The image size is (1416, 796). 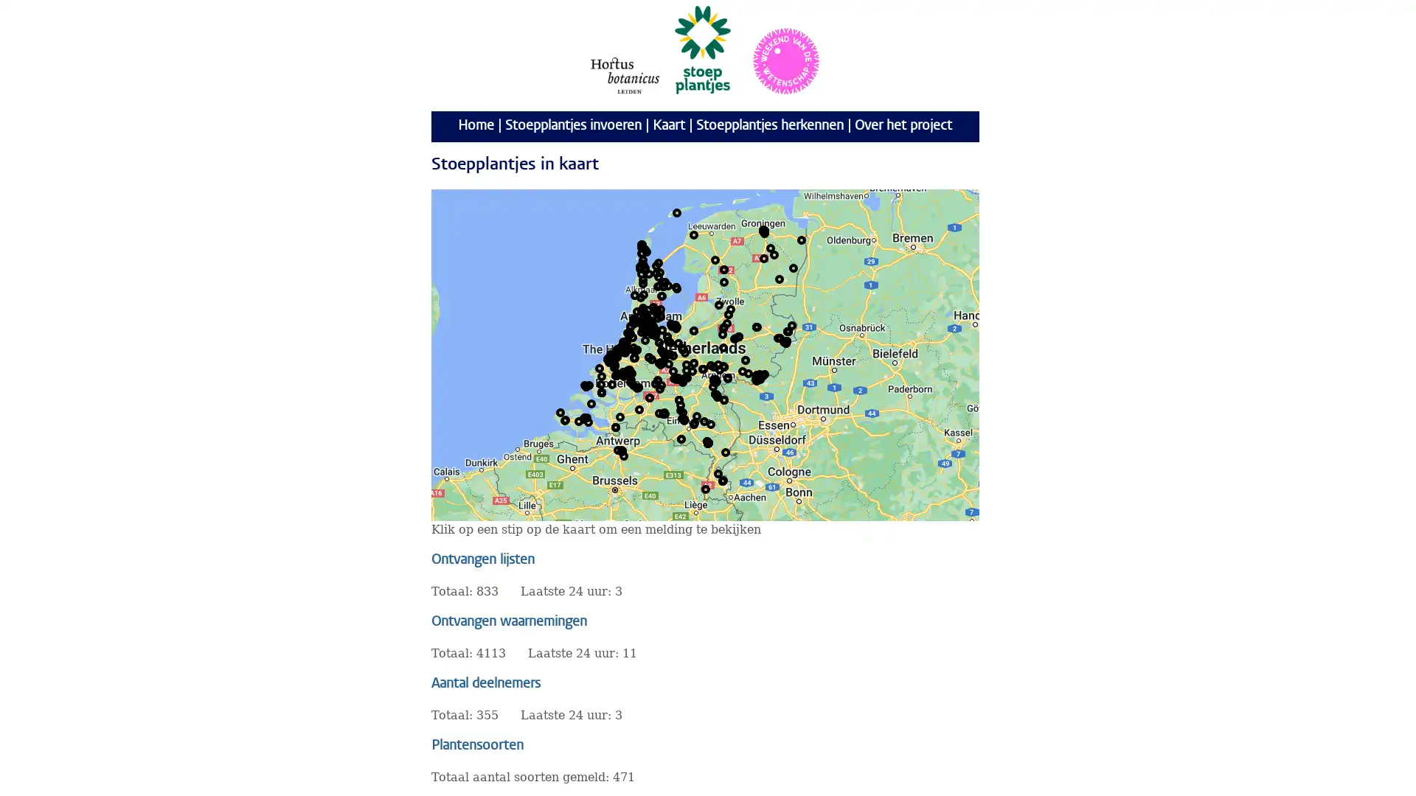 I want to click on Telling van op 18 januari 2022, so click(x=644, y=320).